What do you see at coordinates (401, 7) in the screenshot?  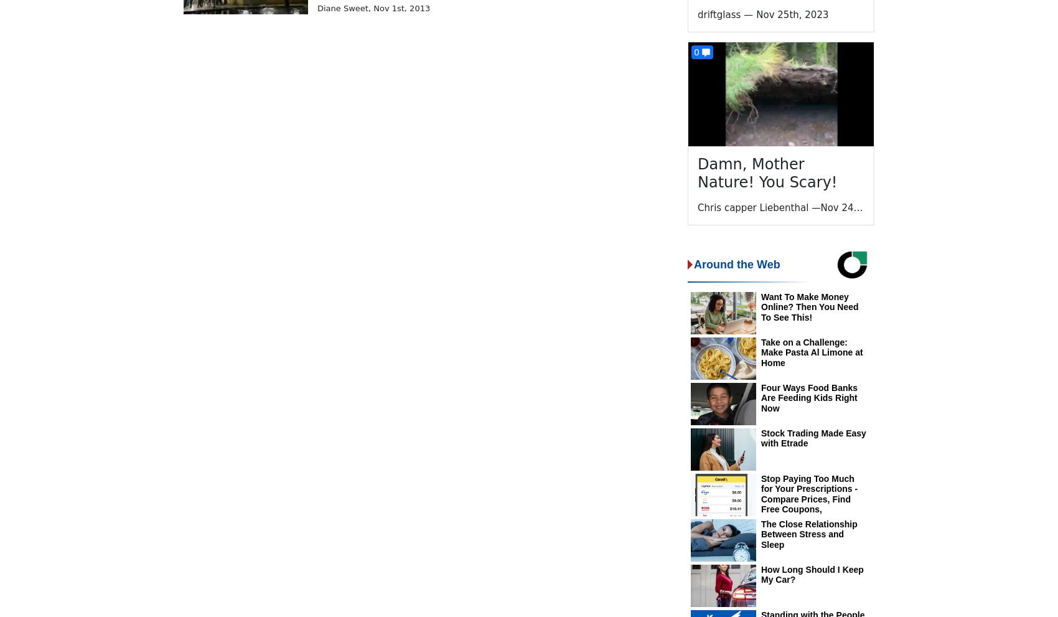 I see `'Nov 1st, 2013'` at bounding box center [401, 7].